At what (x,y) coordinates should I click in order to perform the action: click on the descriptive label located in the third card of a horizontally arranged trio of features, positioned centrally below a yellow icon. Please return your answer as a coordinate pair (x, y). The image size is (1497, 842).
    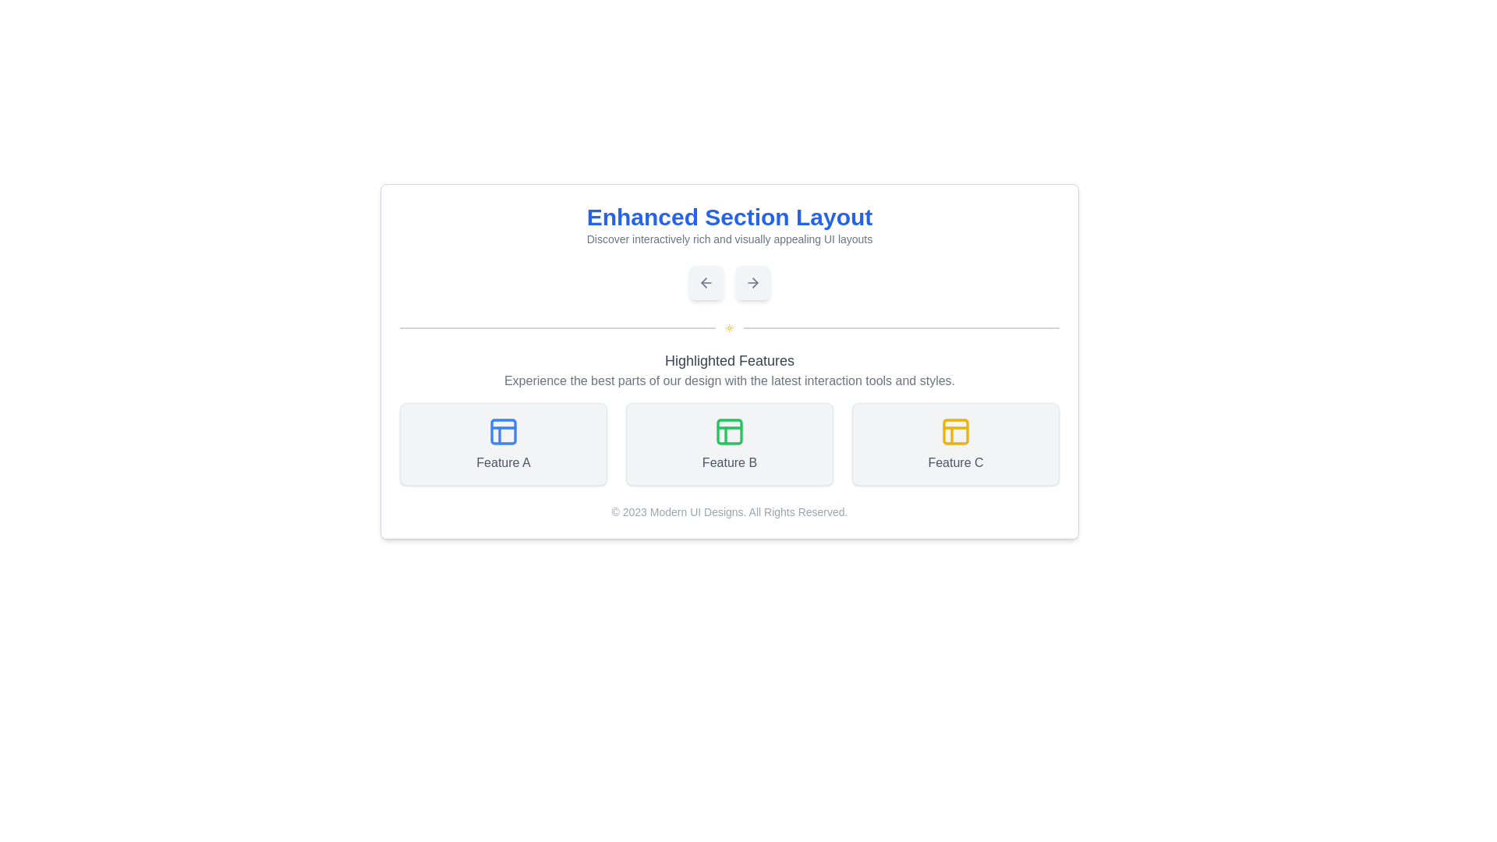
    Looking at the image, I should click on (954, 462).